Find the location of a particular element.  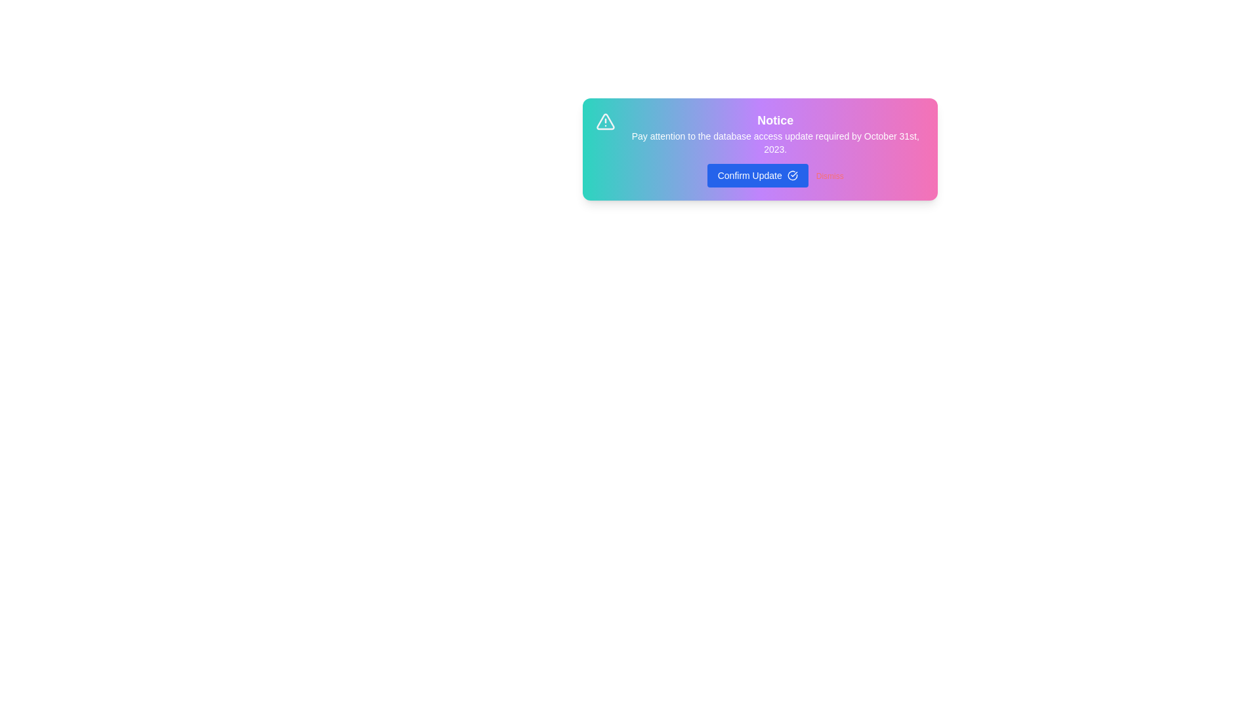

the word 'to' in the alert message is located at coordinates (642, 131).